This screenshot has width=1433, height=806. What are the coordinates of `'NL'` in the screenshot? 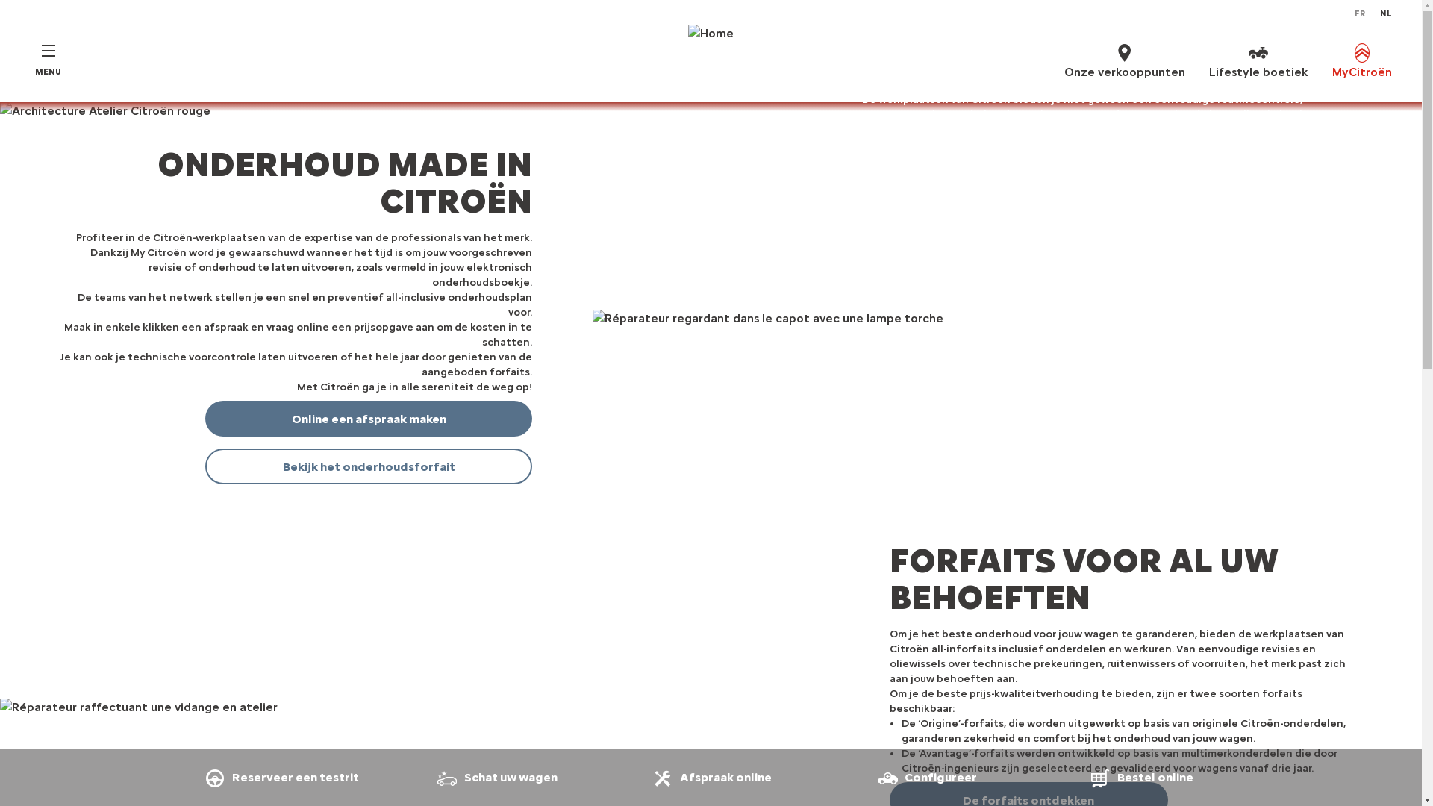 It's located at (1385, 14).